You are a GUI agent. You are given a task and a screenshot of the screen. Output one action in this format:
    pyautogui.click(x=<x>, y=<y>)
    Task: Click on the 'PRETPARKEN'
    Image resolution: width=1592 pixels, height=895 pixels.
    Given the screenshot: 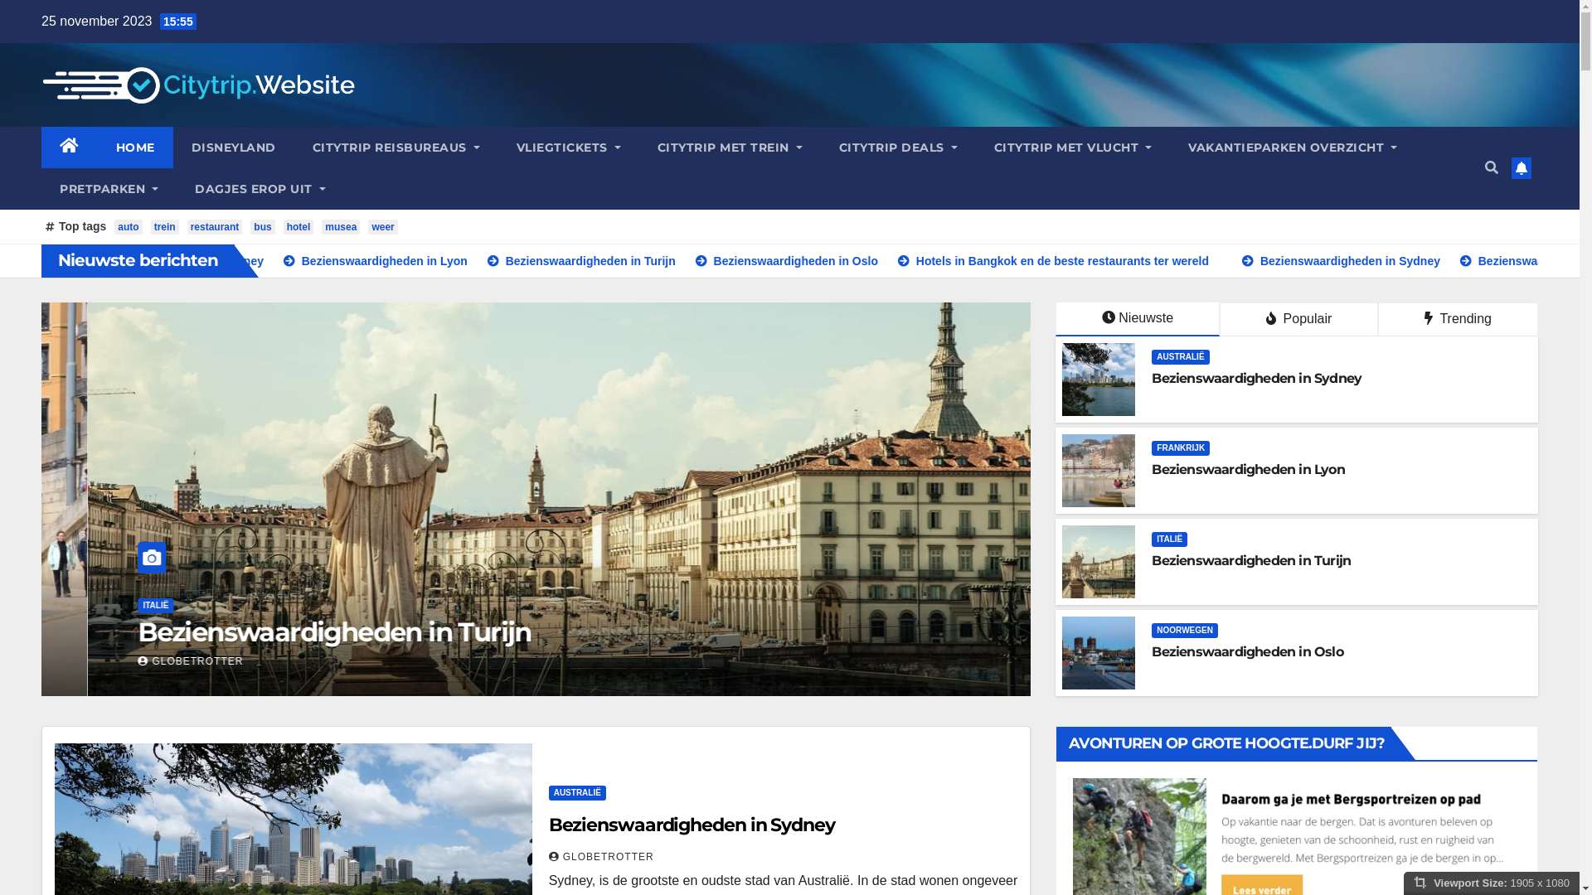 What is the action you would take?
    pyautogui.click(x=108, y=187)
    